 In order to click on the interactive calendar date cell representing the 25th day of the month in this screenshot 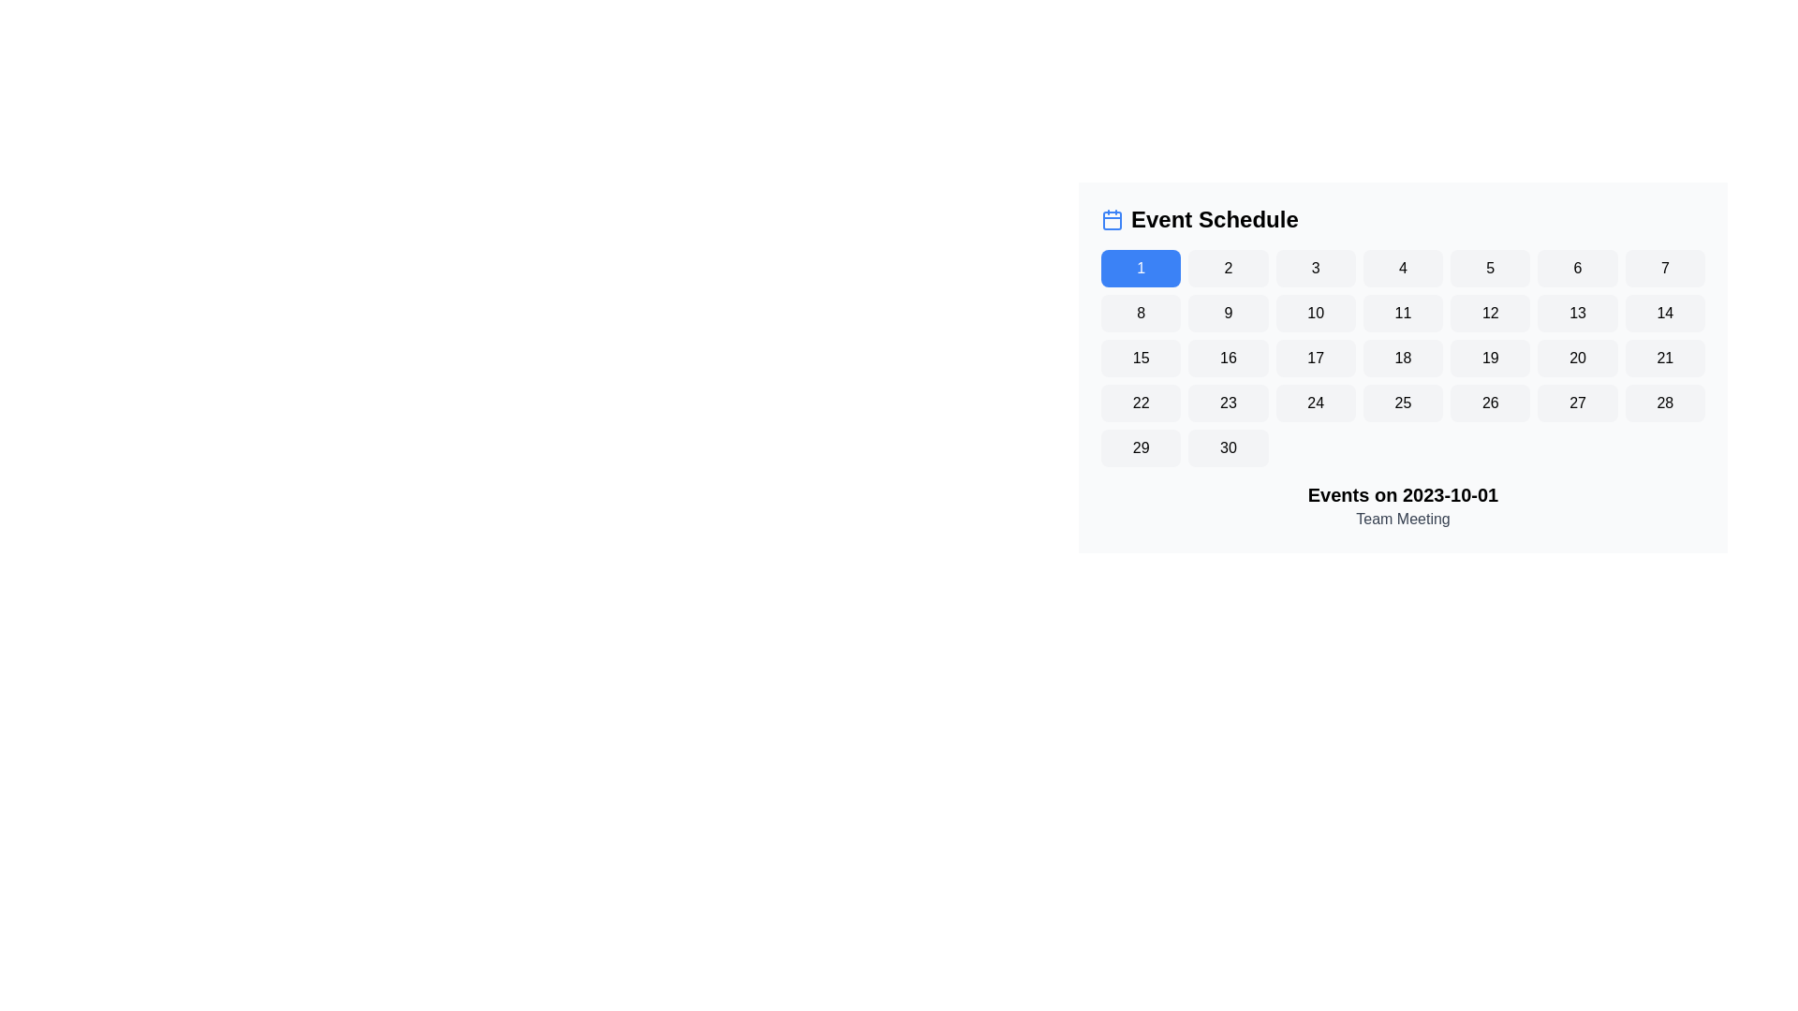, I will do `click(1403, 403)`.